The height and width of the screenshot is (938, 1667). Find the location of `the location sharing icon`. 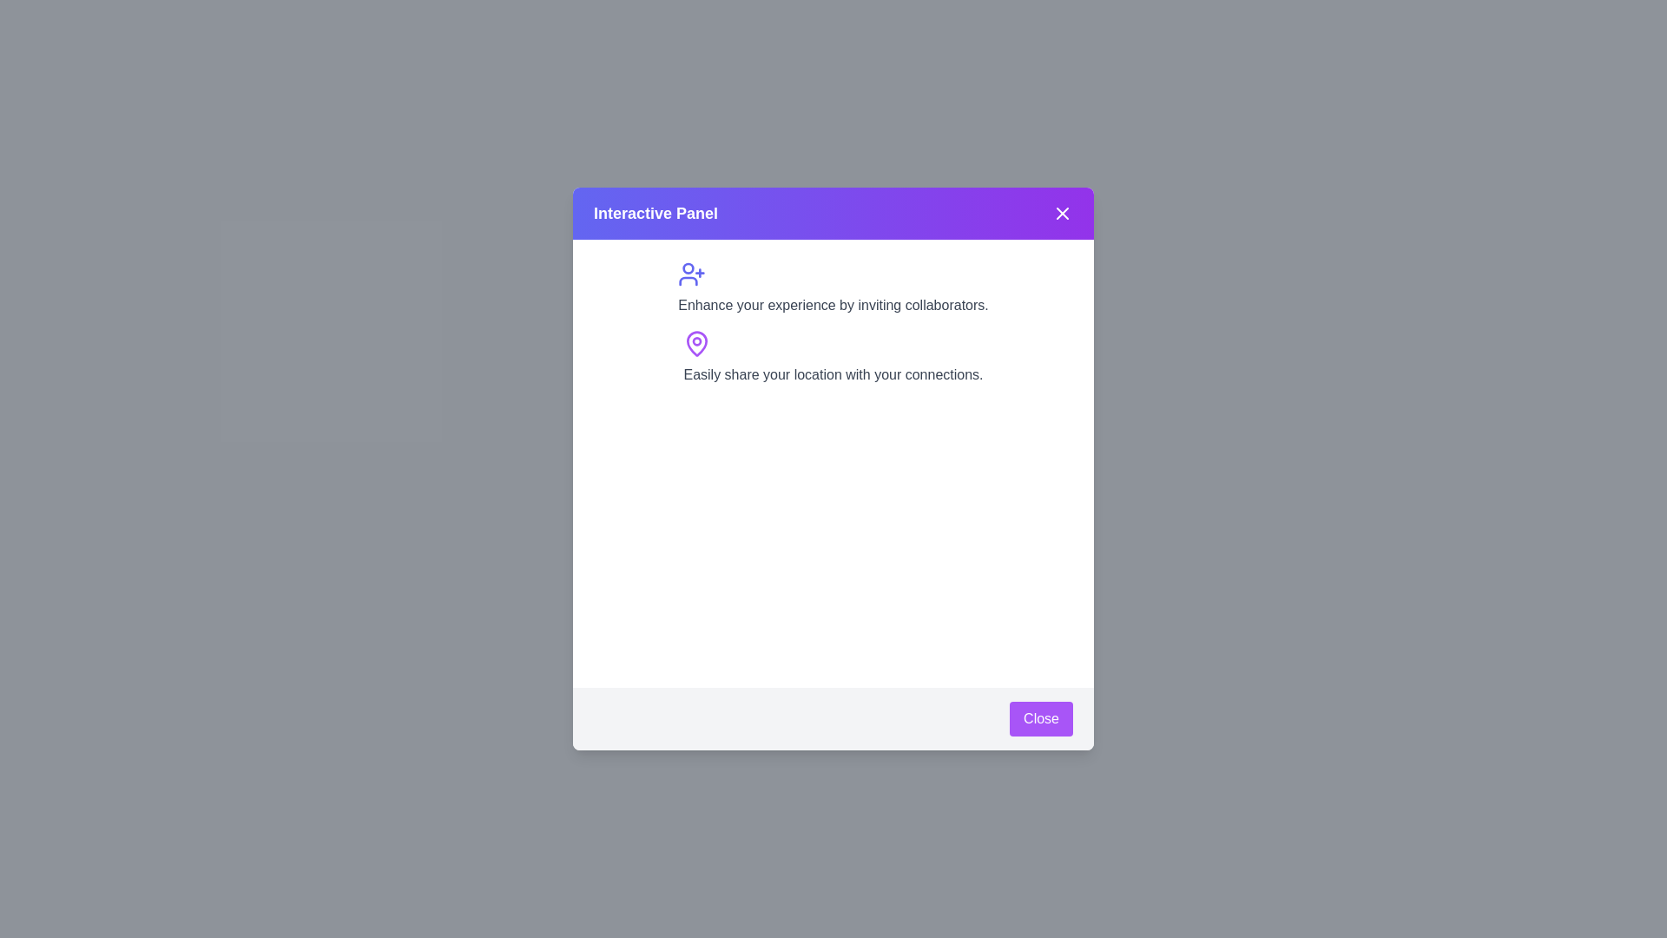

the location sharing icon is located at coordinates (697, 344).